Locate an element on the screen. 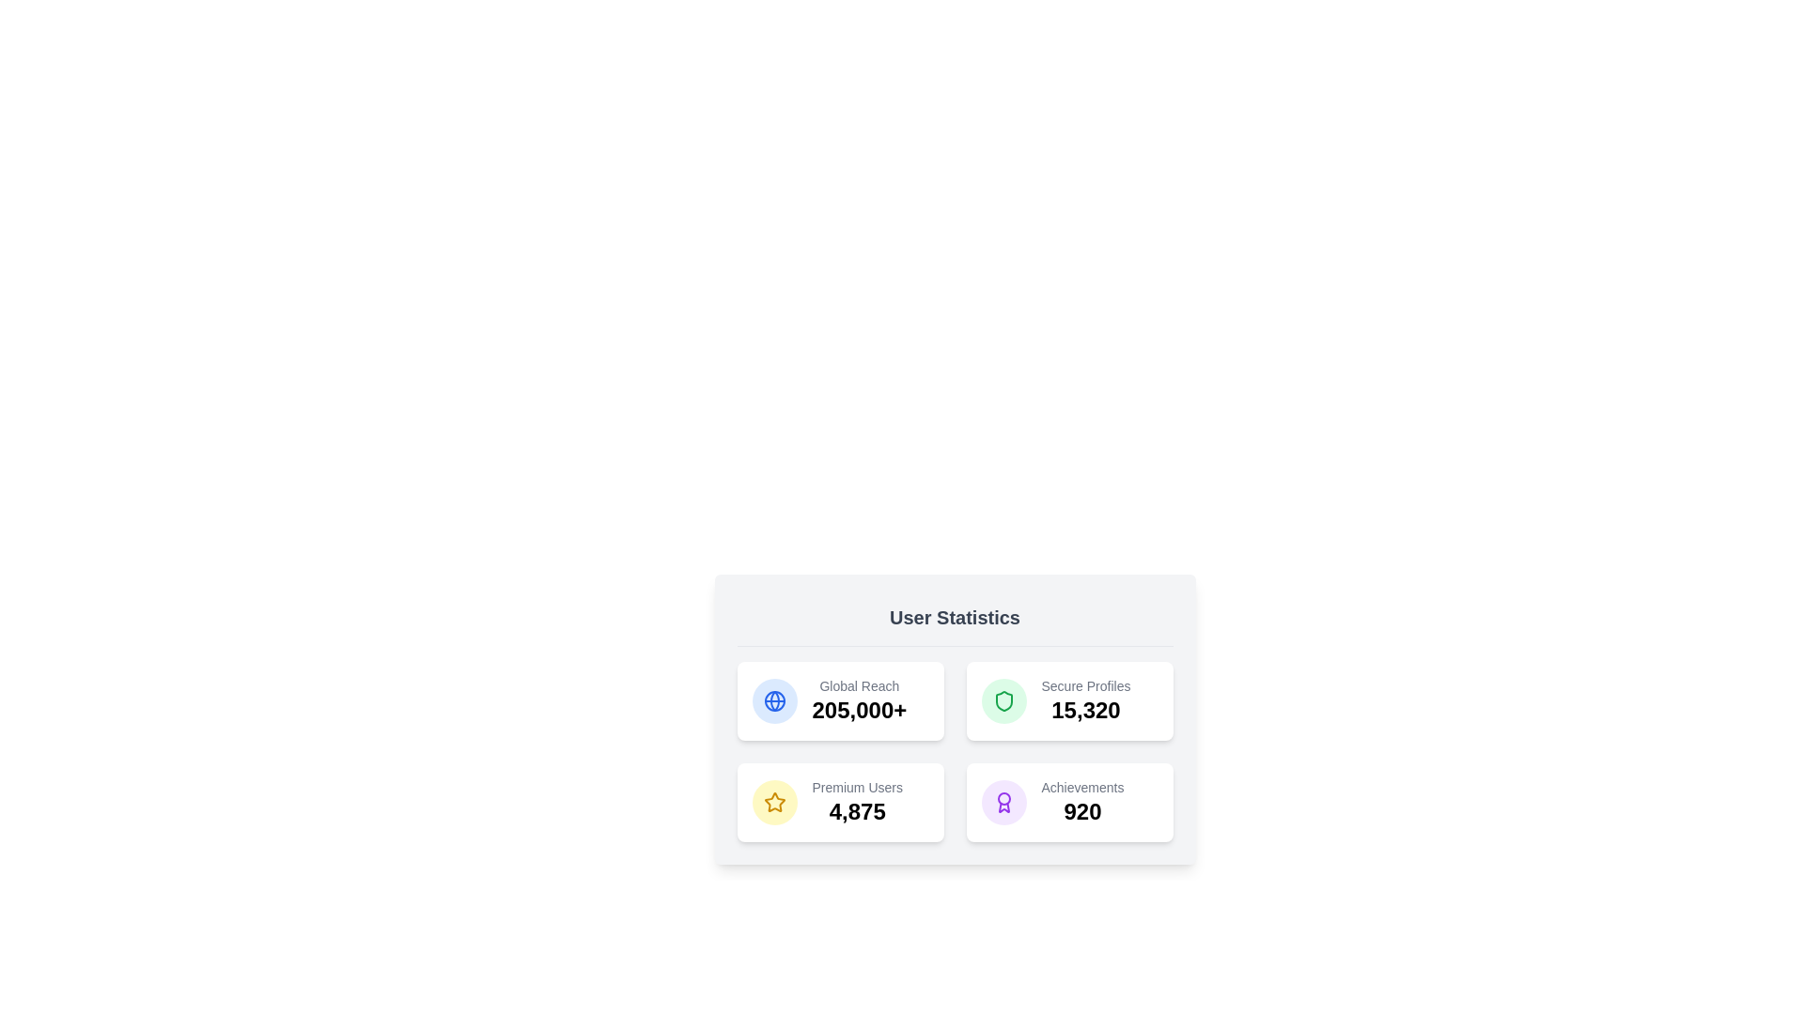  descriptive label text indicating the total count of premium users, located above the number '4,875' in the lower left quadrant of the dashboard card layout is located at coordinates (856, 788).